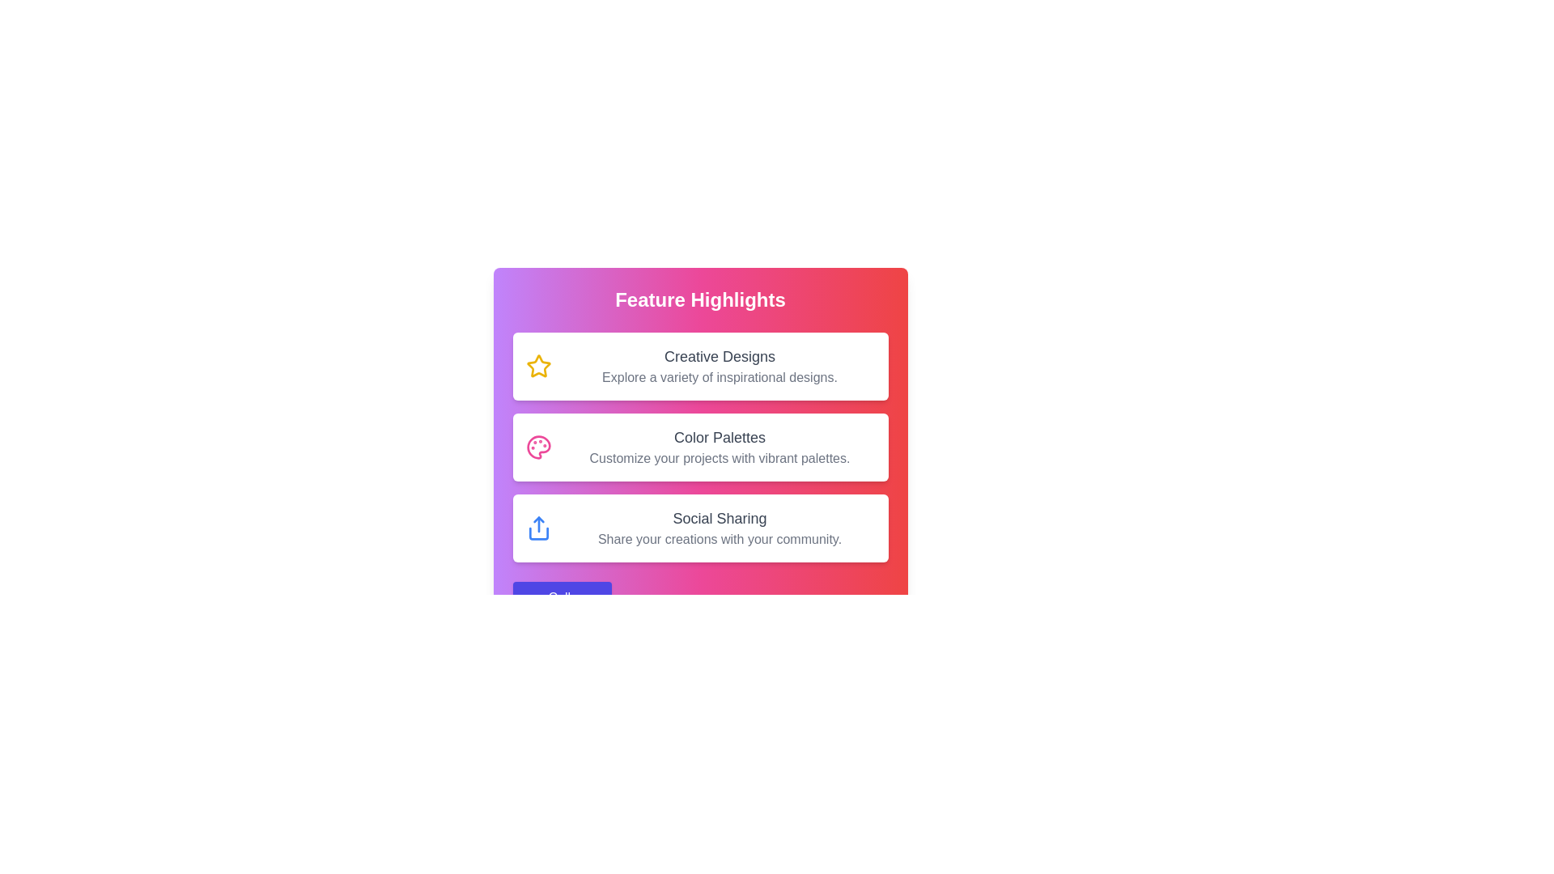  I want to click on the static descriptive text that explains the 'Social Sharing' feature, located directly below the heading 'Social Sharing' in the middle of the UI card block, so click(719, 540).